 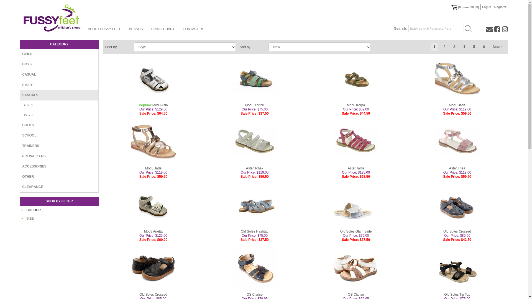 What do you see at coordinates (468, 29) in the screenshot?
I see `'Go'` at bounding box center [468, 29].